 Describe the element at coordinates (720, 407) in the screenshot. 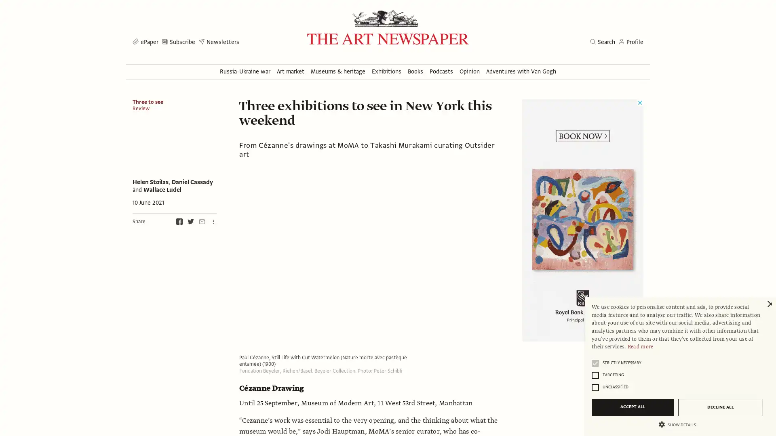

I see `DECLINE ALL` at that location.